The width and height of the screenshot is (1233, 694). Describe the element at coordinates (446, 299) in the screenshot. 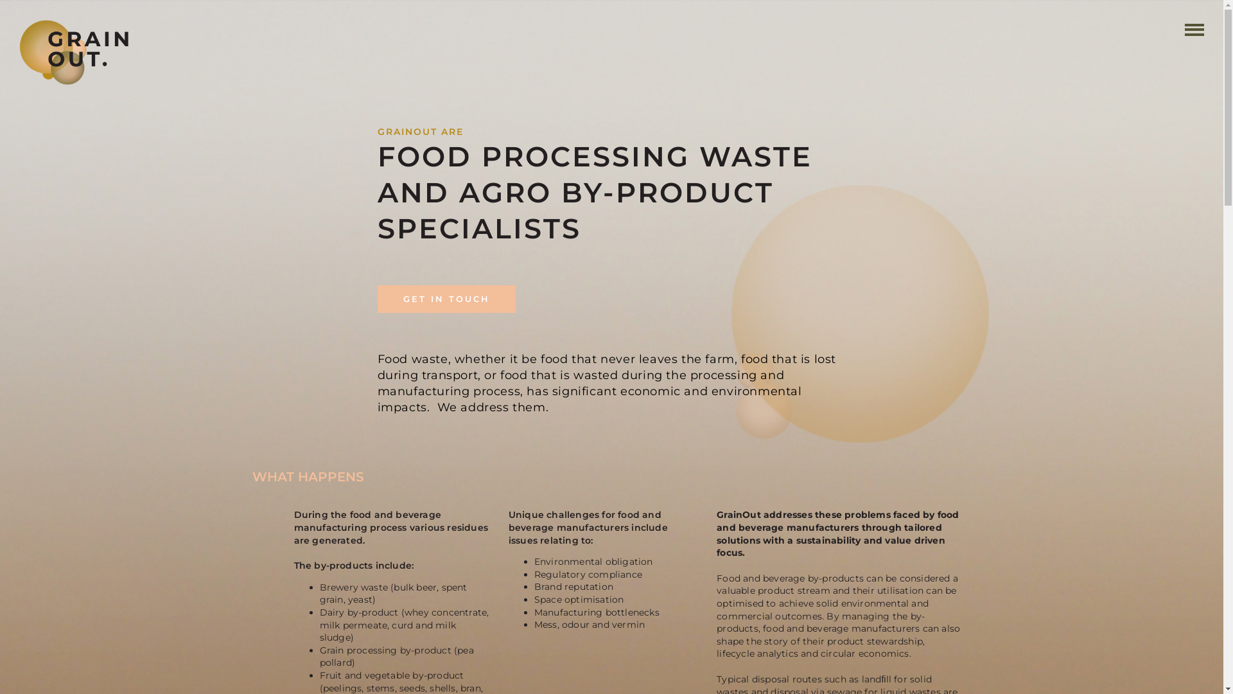

I see `'GET IN TOUCH'` at that location.